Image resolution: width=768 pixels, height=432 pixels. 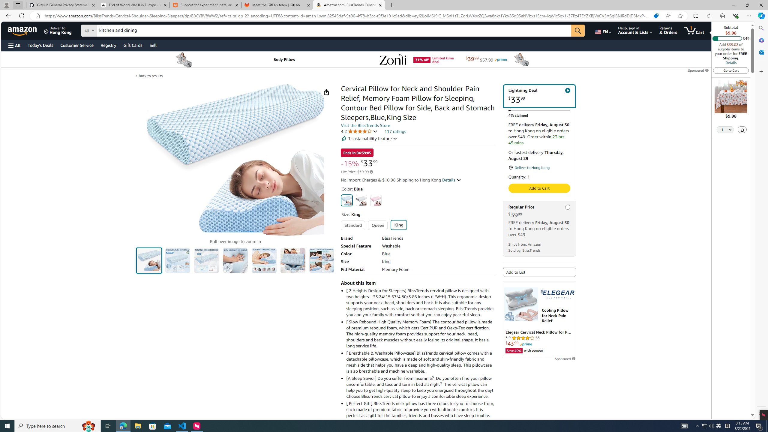 What do you see at coordinates (153, 45) in the screenshot?
I see `'Sell'` at bounding box center [153, 45].